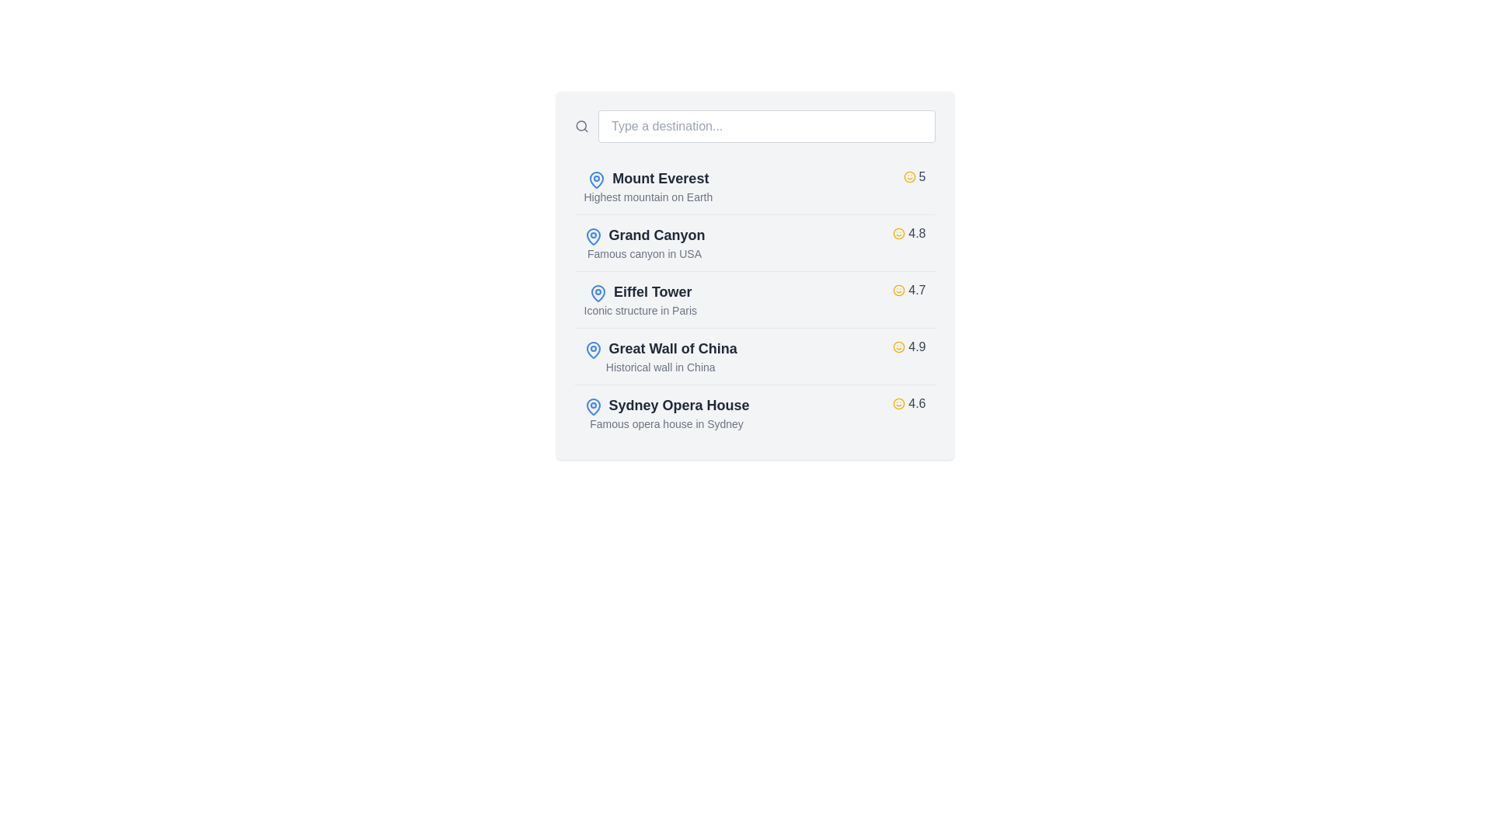 The image size is (1492, 839). I want to click on the large circular SVG element representing the smiling face in the rating icon of the 'Eiffel Tower' entry, so click(899, 291).